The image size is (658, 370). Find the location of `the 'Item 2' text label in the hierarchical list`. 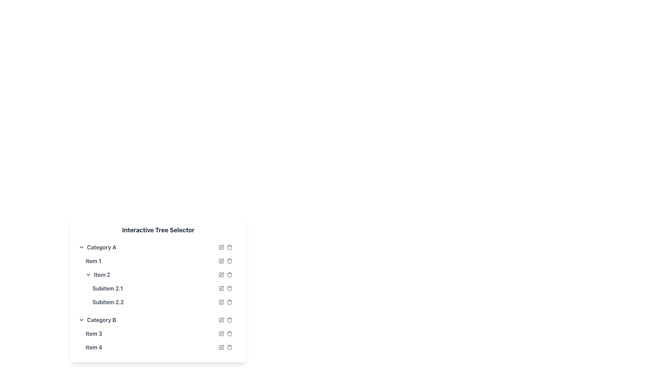

the 'Item 2' text label in the hierarchical list is located at coordinates (97, 274).